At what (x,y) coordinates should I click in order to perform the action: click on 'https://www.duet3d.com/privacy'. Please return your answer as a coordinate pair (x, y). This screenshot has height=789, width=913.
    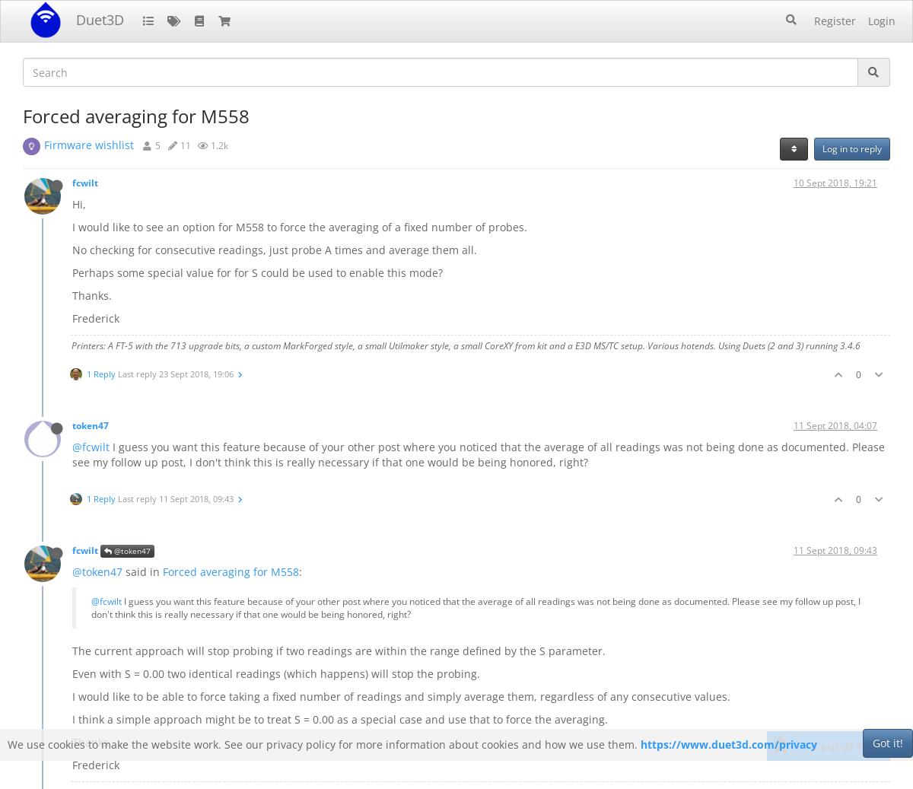
    Looking at the image, I should click on (728, 744).